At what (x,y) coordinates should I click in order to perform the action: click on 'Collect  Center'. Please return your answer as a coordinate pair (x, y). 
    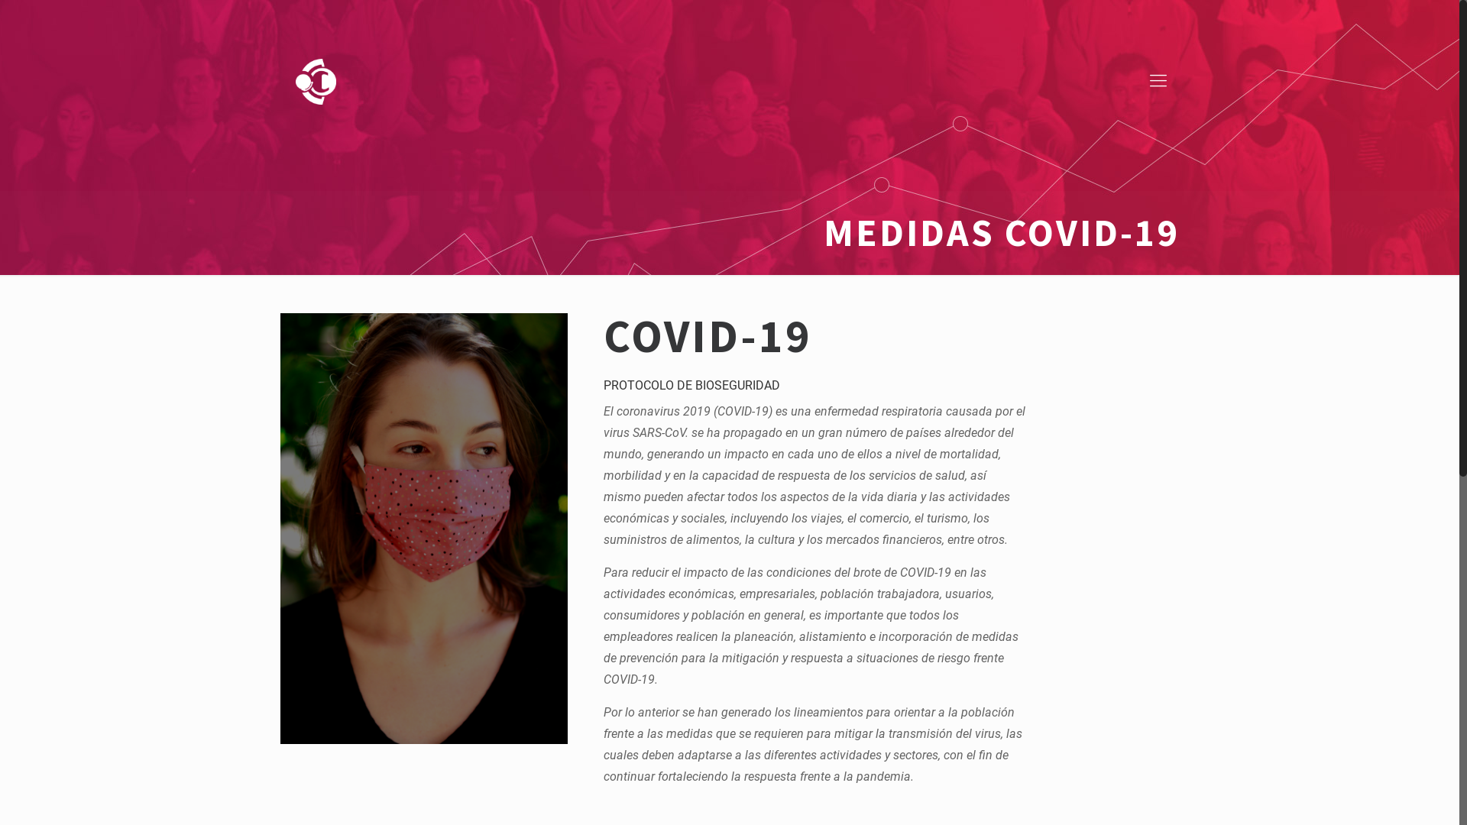
    Looking at the image, I should click on (315, 80).